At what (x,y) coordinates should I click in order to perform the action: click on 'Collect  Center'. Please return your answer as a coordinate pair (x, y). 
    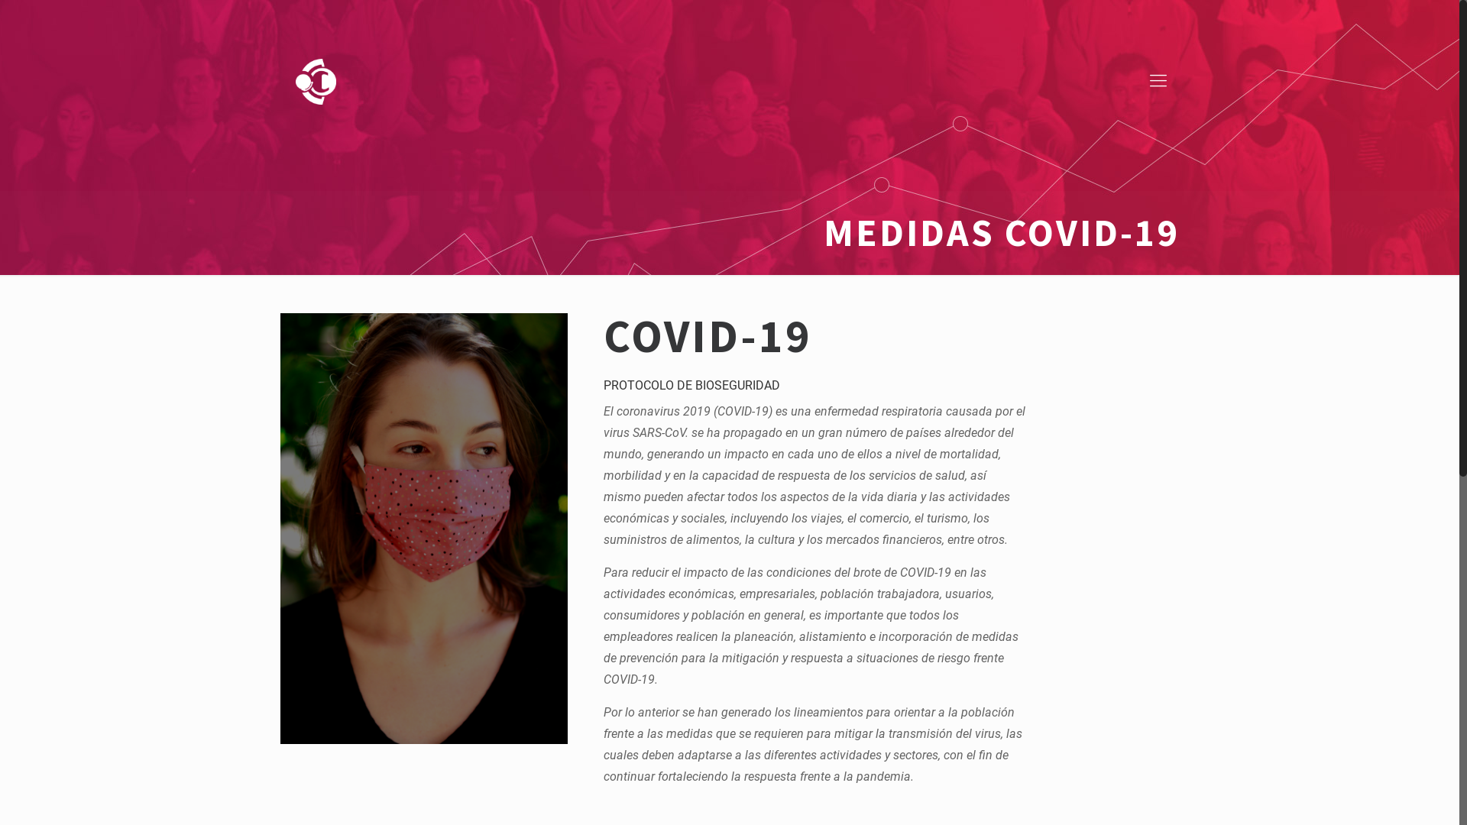
    Looking at the image, I should click on (315, 80).